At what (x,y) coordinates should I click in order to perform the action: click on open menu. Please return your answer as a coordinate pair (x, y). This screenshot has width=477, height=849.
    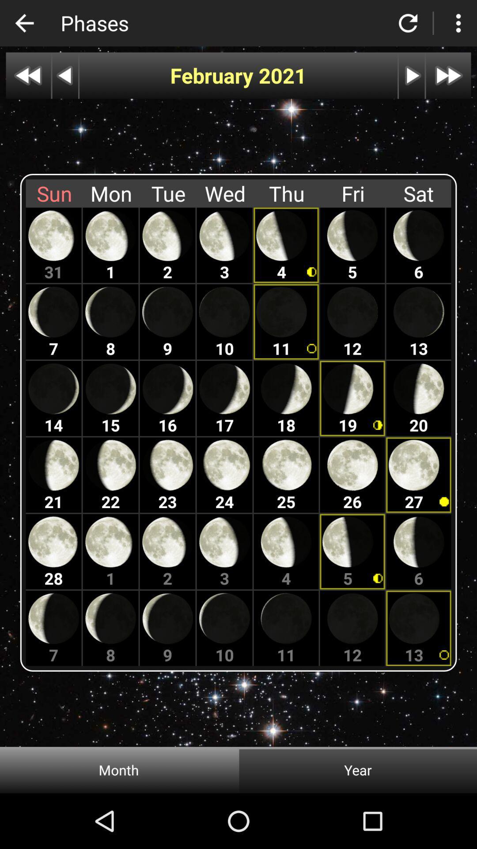
    Looking at the image, I should click on (458, 23).